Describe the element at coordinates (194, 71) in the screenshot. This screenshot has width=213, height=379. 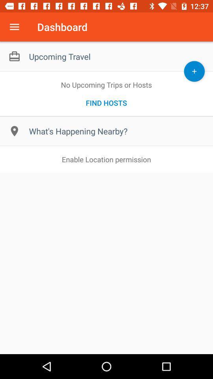
I see `the add icon` at that location.